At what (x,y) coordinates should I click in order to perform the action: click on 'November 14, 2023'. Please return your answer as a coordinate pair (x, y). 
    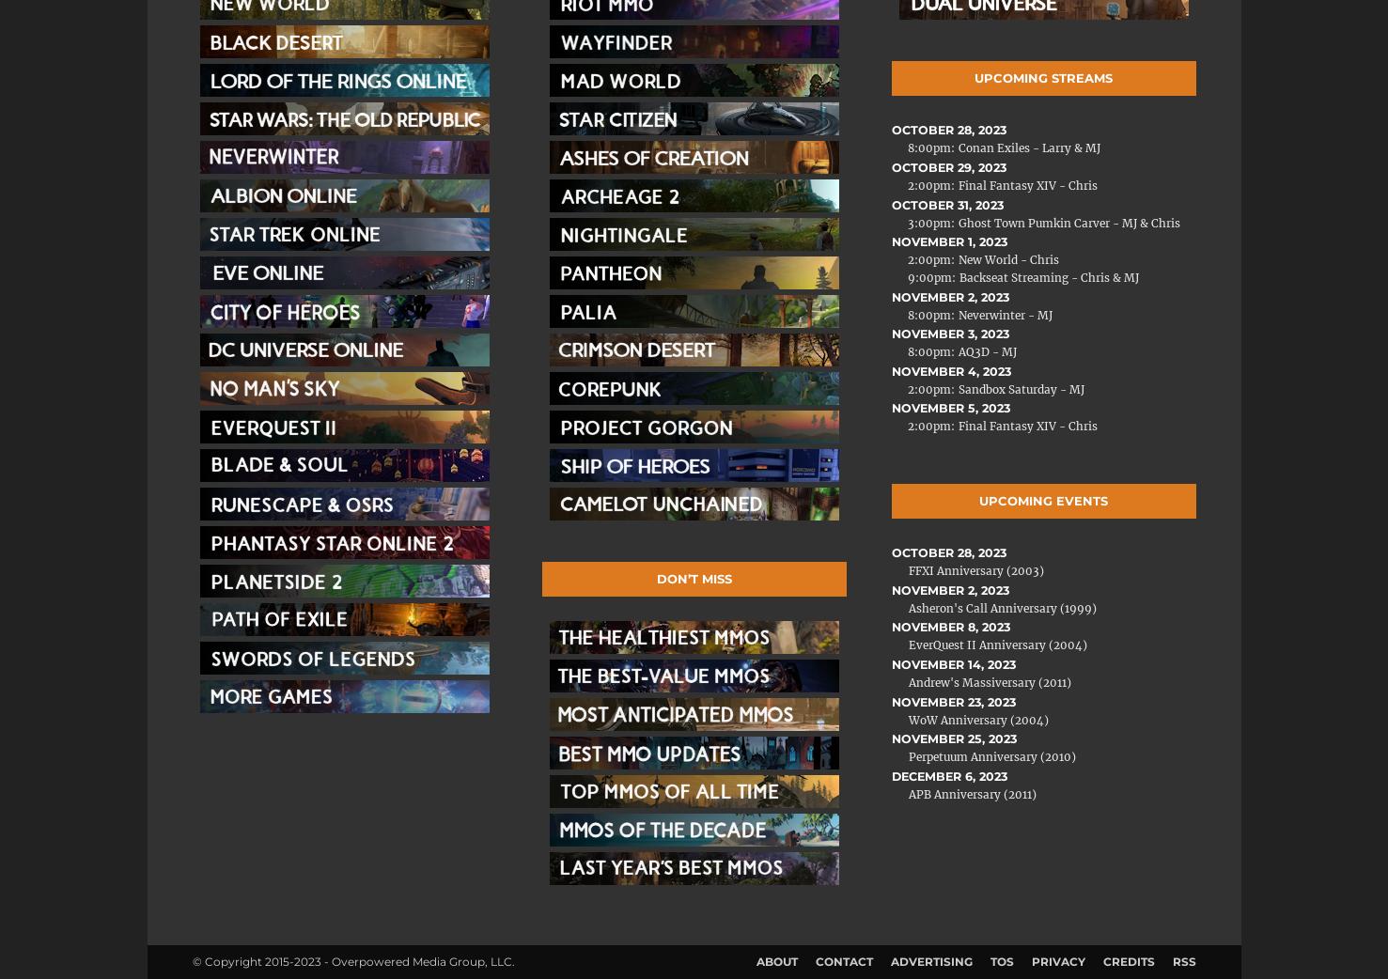
    Looking at the image, I should click on (951, 663).